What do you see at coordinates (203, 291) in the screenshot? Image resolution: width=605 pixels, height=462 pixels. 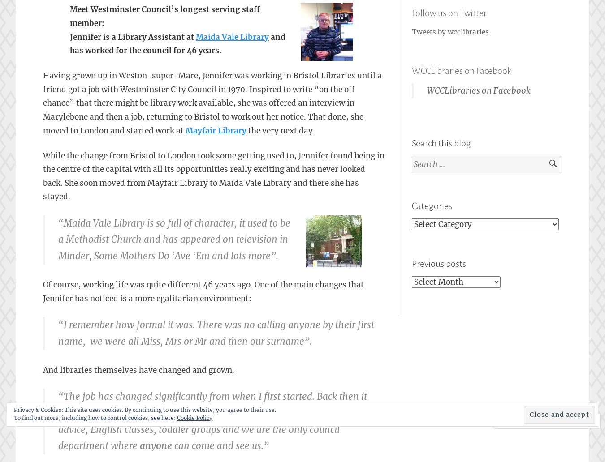 I see `'Of course, working life was quite different 46 years ago. One of the main changes that Jennifer has noticed is a more egalitarian environment:'` at bounding box center [203, 291].